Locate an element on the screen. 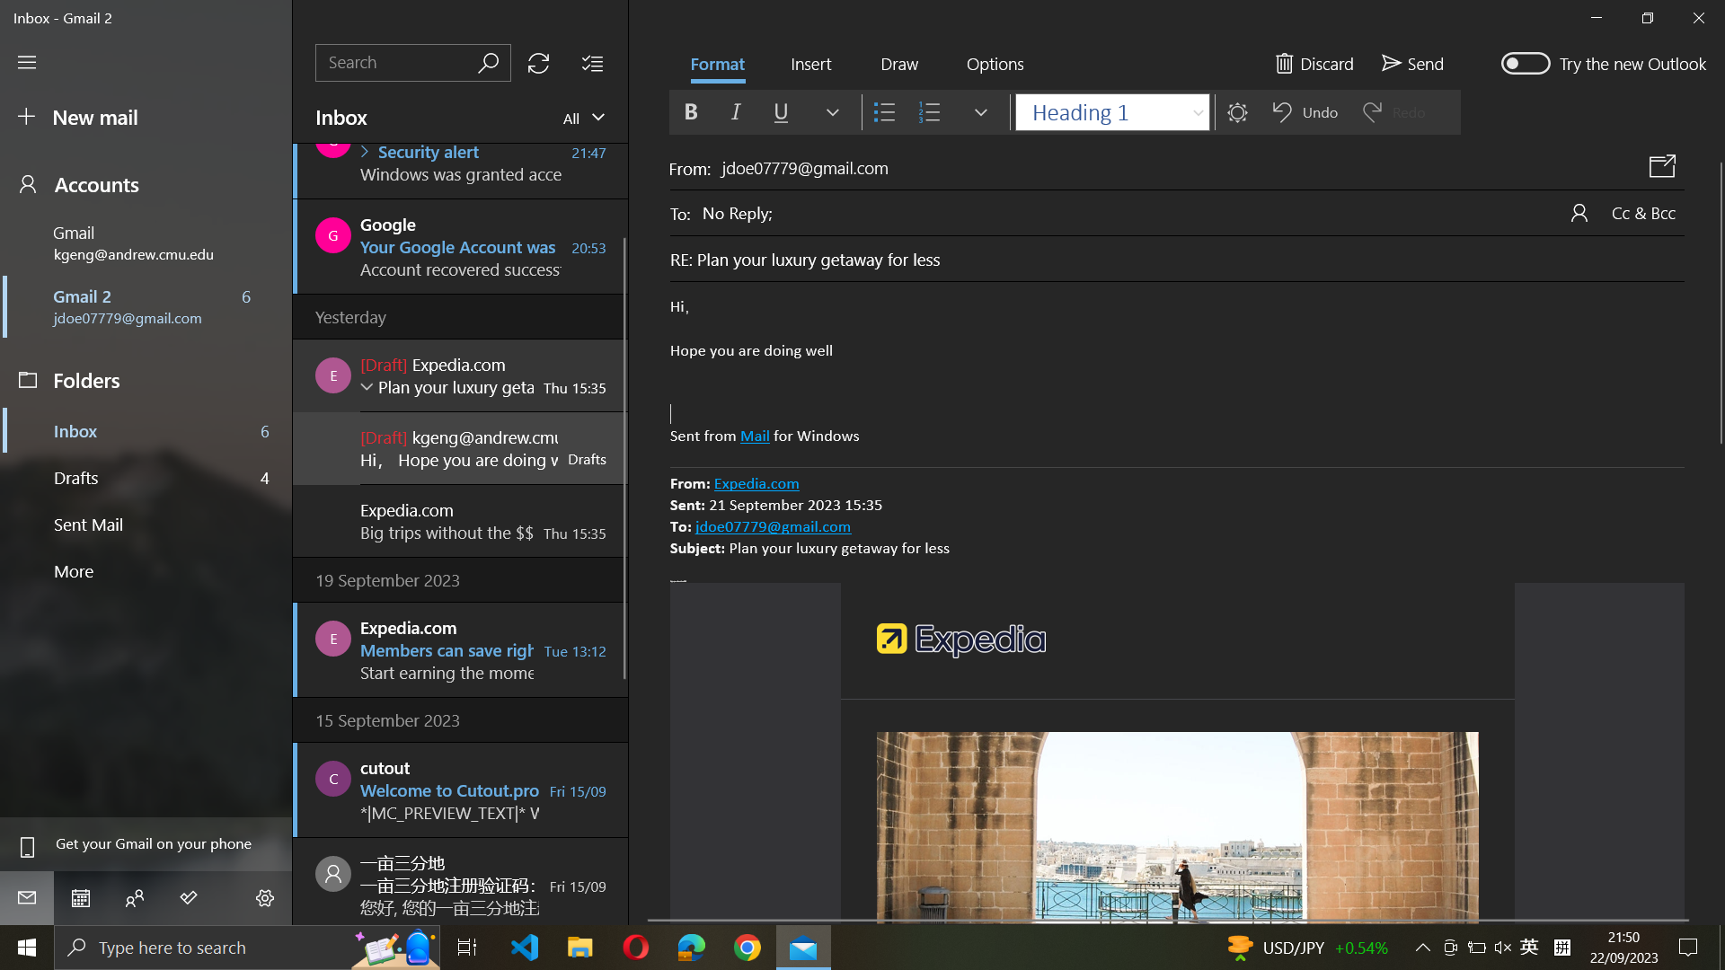  Change the email address in the recipient field to "abc@example.com is located at coordinates (1193, 210).